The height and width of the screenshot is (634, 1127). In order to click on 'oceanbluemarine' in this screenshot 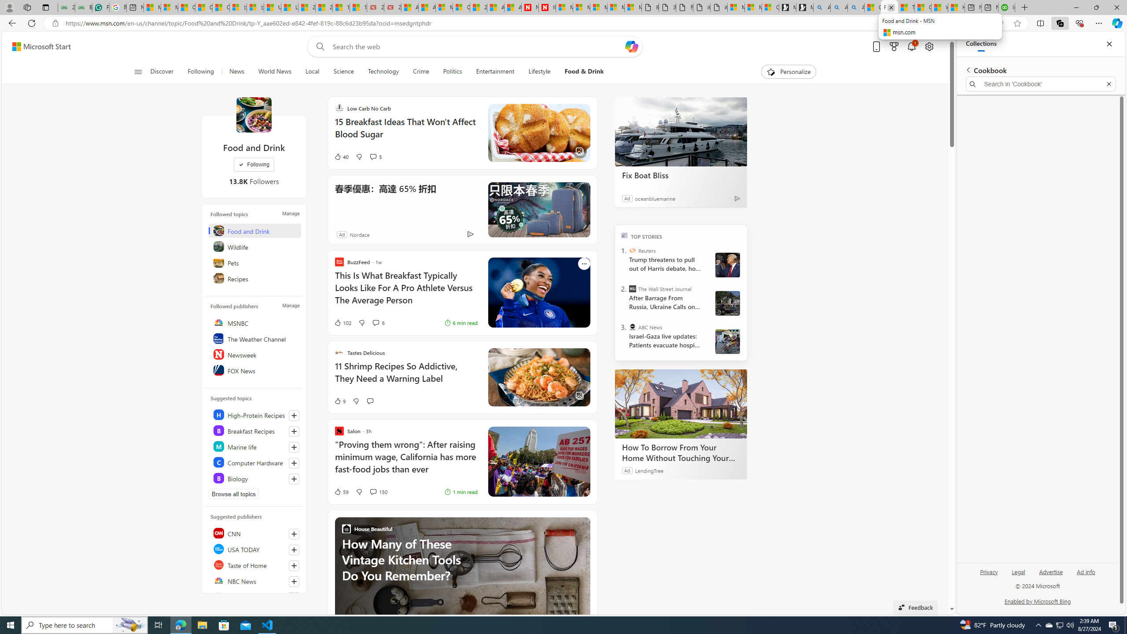, I will do `click(655, 198)`.